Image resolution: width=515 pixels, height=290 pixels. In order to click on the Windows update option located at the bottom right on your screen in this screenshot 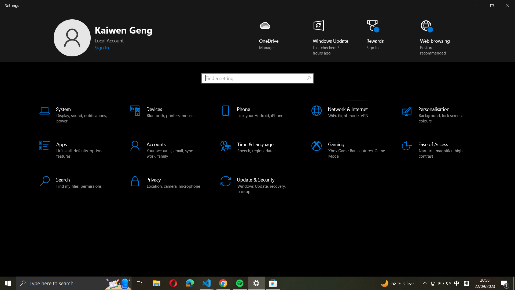, I will do `click(327, 37)`.